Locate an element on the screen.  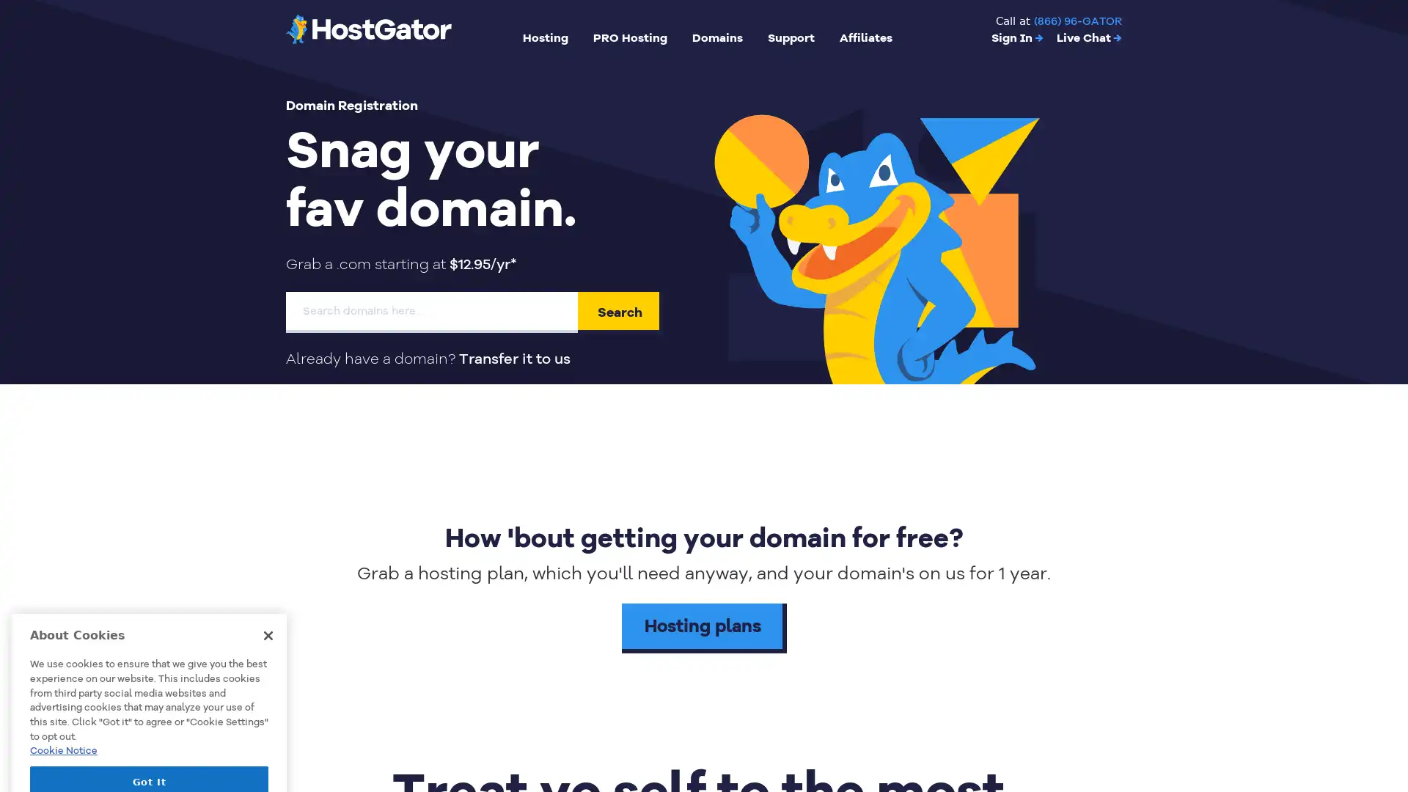
(866) 96-GATOR is located at coordinates (1077, 21).